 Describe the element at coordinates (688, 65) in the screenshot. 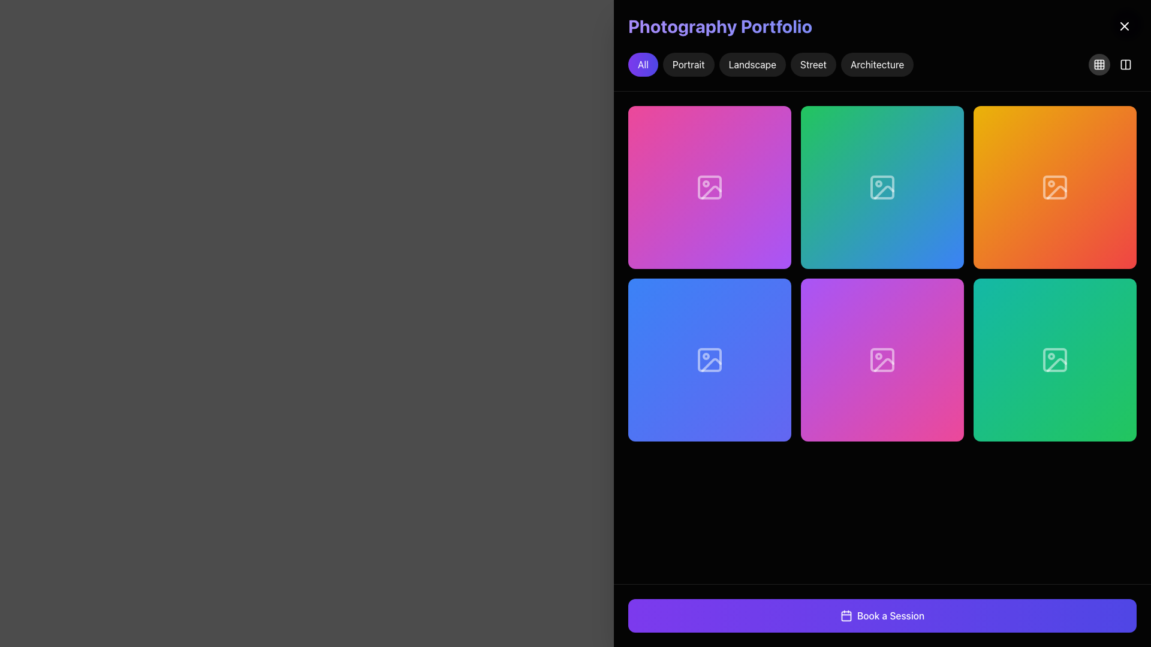

I see `the filter toggle button for portrait-related items, which is the second button in a row of five buttons located beneath the 'Photography Portfolio' header, to observe a styling change` at that location.